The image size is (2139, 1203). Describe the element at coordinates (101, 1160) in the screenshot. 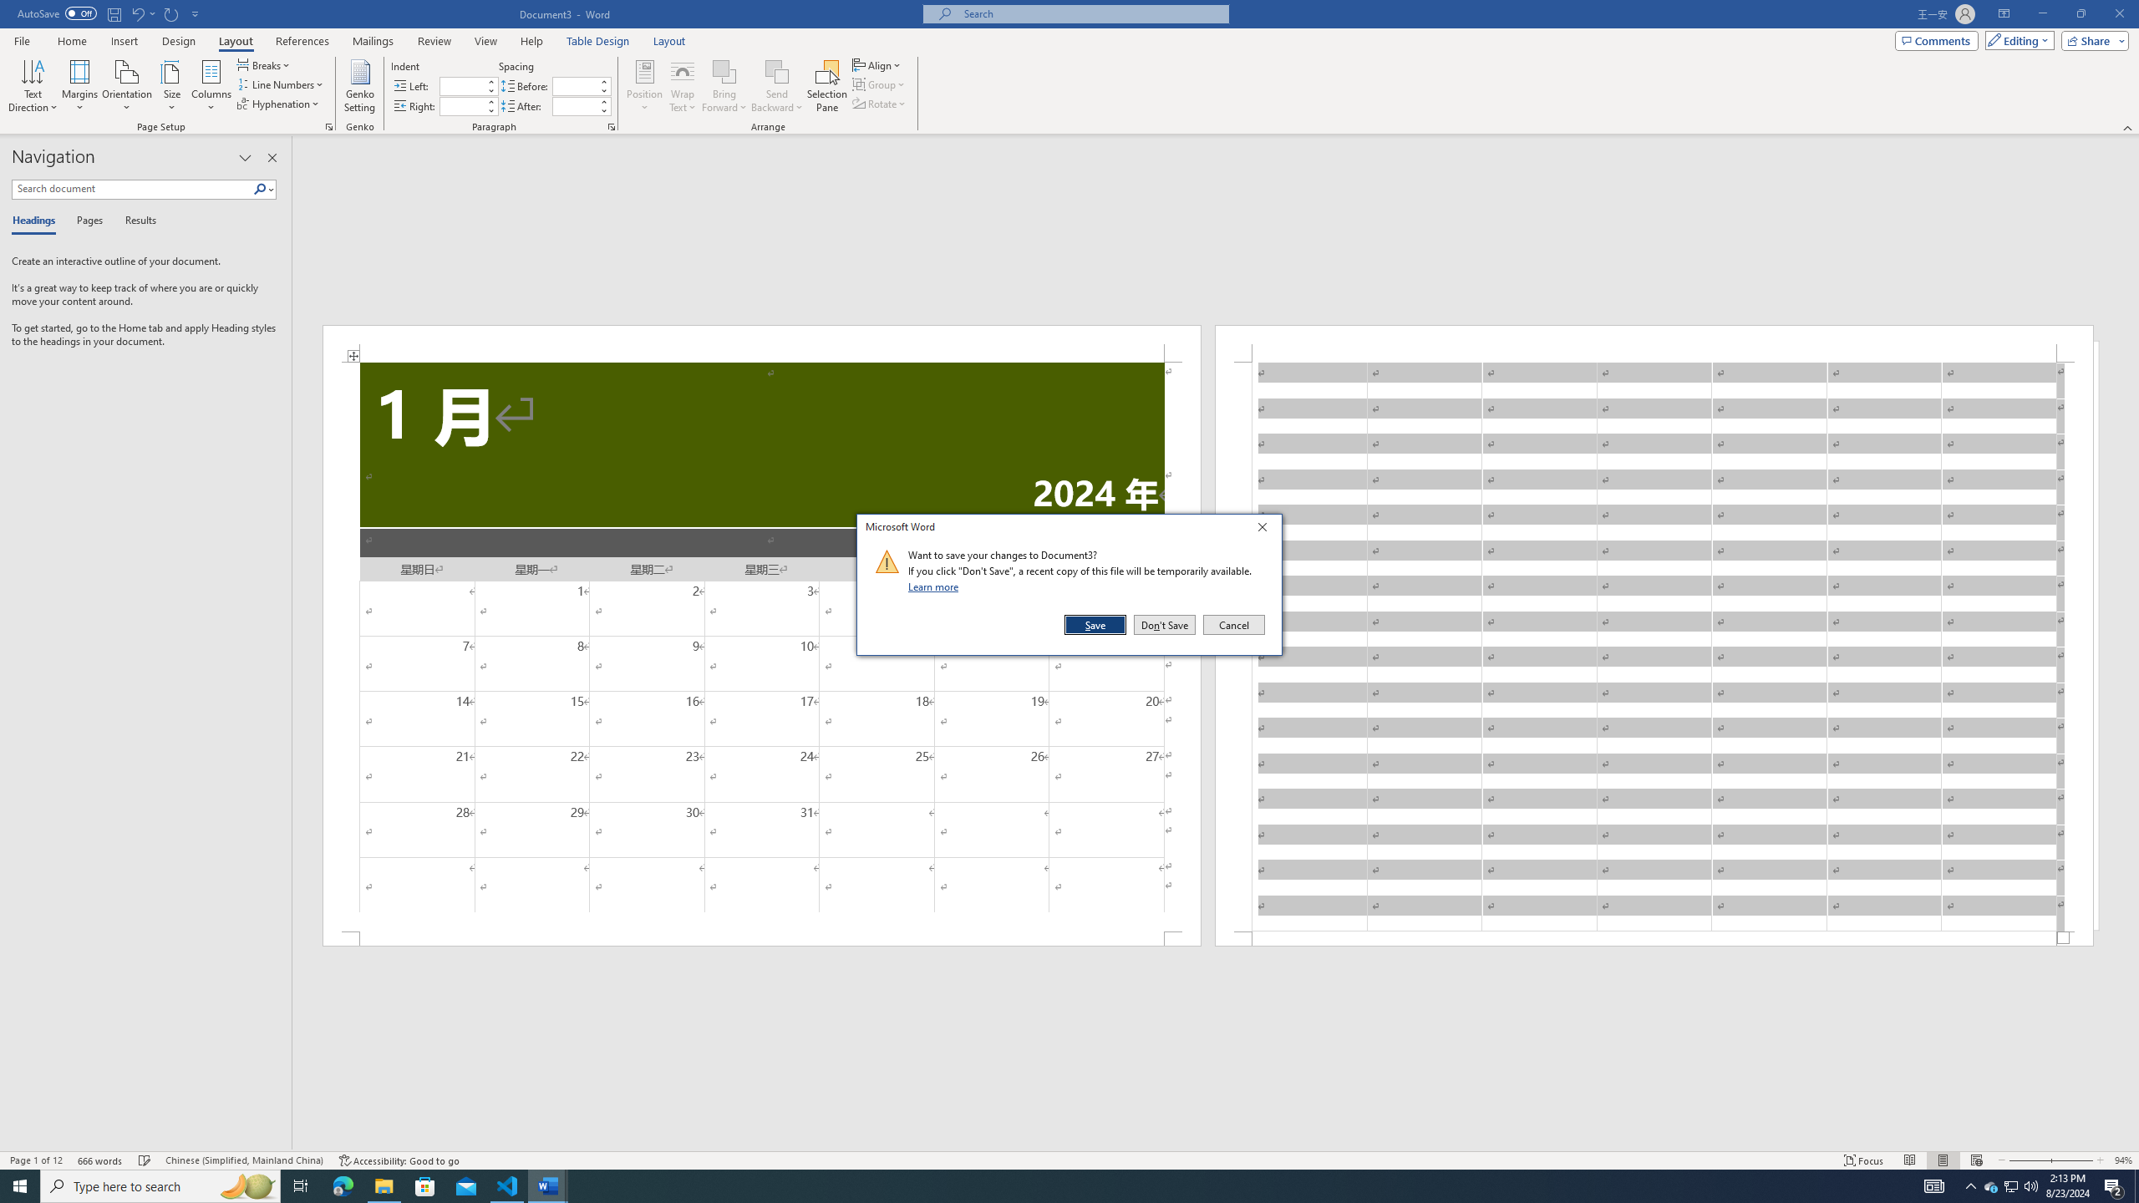

I see `'Word Count 666 words'` at that location.